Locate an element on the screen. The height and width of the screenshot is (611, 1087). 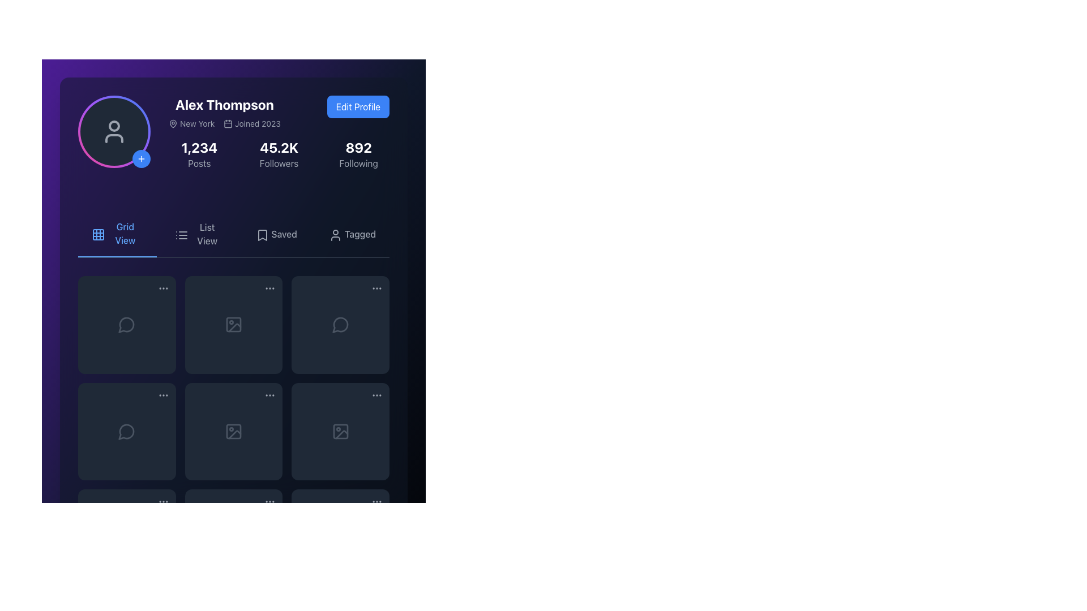
the map pin icon, which is a teardrop-shaped icon with a hollow interior, located to the left of the text 'New York' in the header section is located at coordinates (173, 123).